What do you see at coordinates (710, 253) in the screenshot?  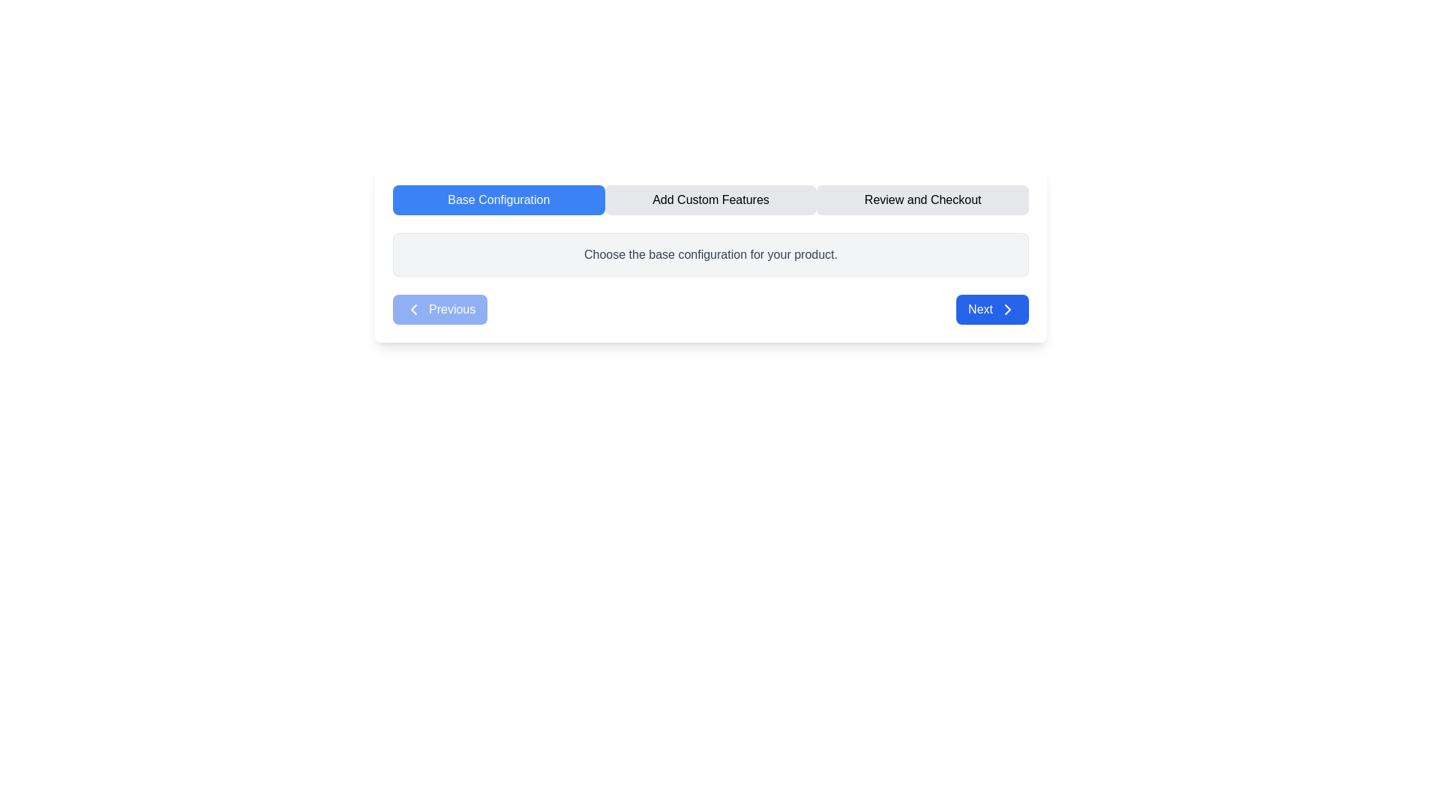 I see `the static text label displaying 'Choose the base configuration for your product.' which is styled in gray against a light background, located below the navigation tabs and above the navigation buttons` at bounding box center [710, 253].